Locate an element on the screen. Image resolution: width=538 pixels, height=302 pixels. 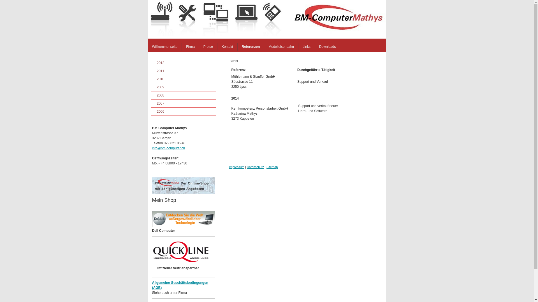
'2010' is located at coordinates (183, 79).